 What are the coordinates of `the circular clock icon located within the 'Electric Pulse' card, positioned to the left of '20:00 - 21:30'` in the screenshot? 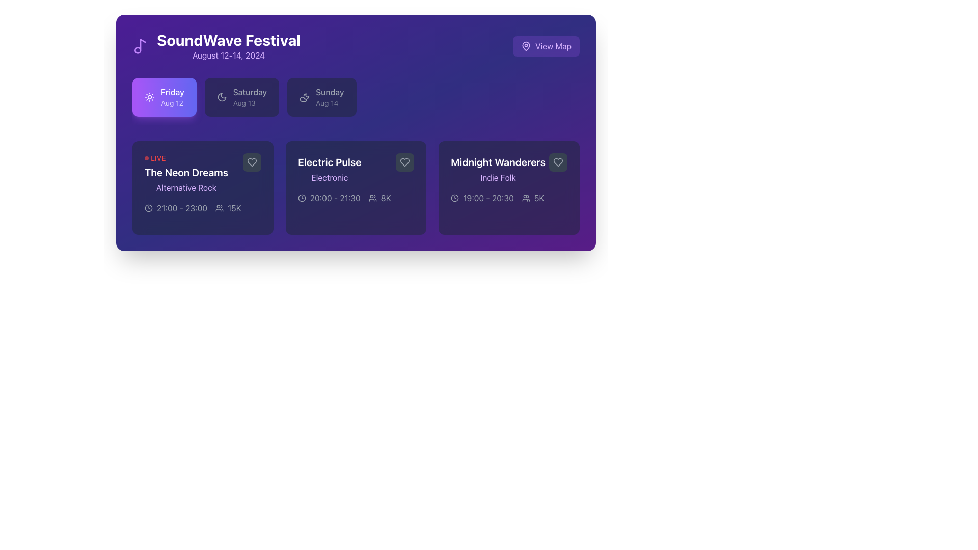 It's located at (301, 198).